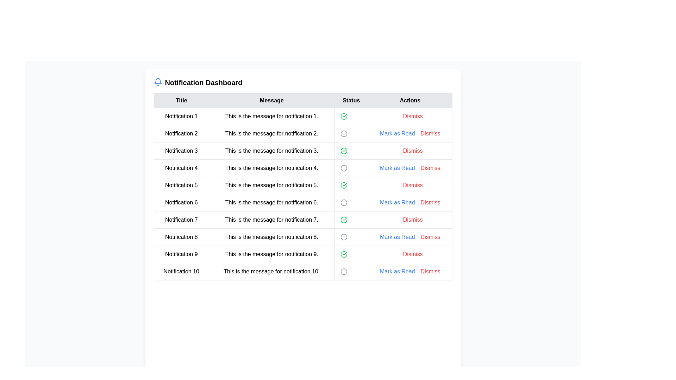  What do you see at coordinates (344, 134) in the screenshot?
I see `the Circular graphic icon in the 'Status' column of the notification table for 'Notification 2', which visually represents the status of the associated notification` at bounding box center [344, 134].